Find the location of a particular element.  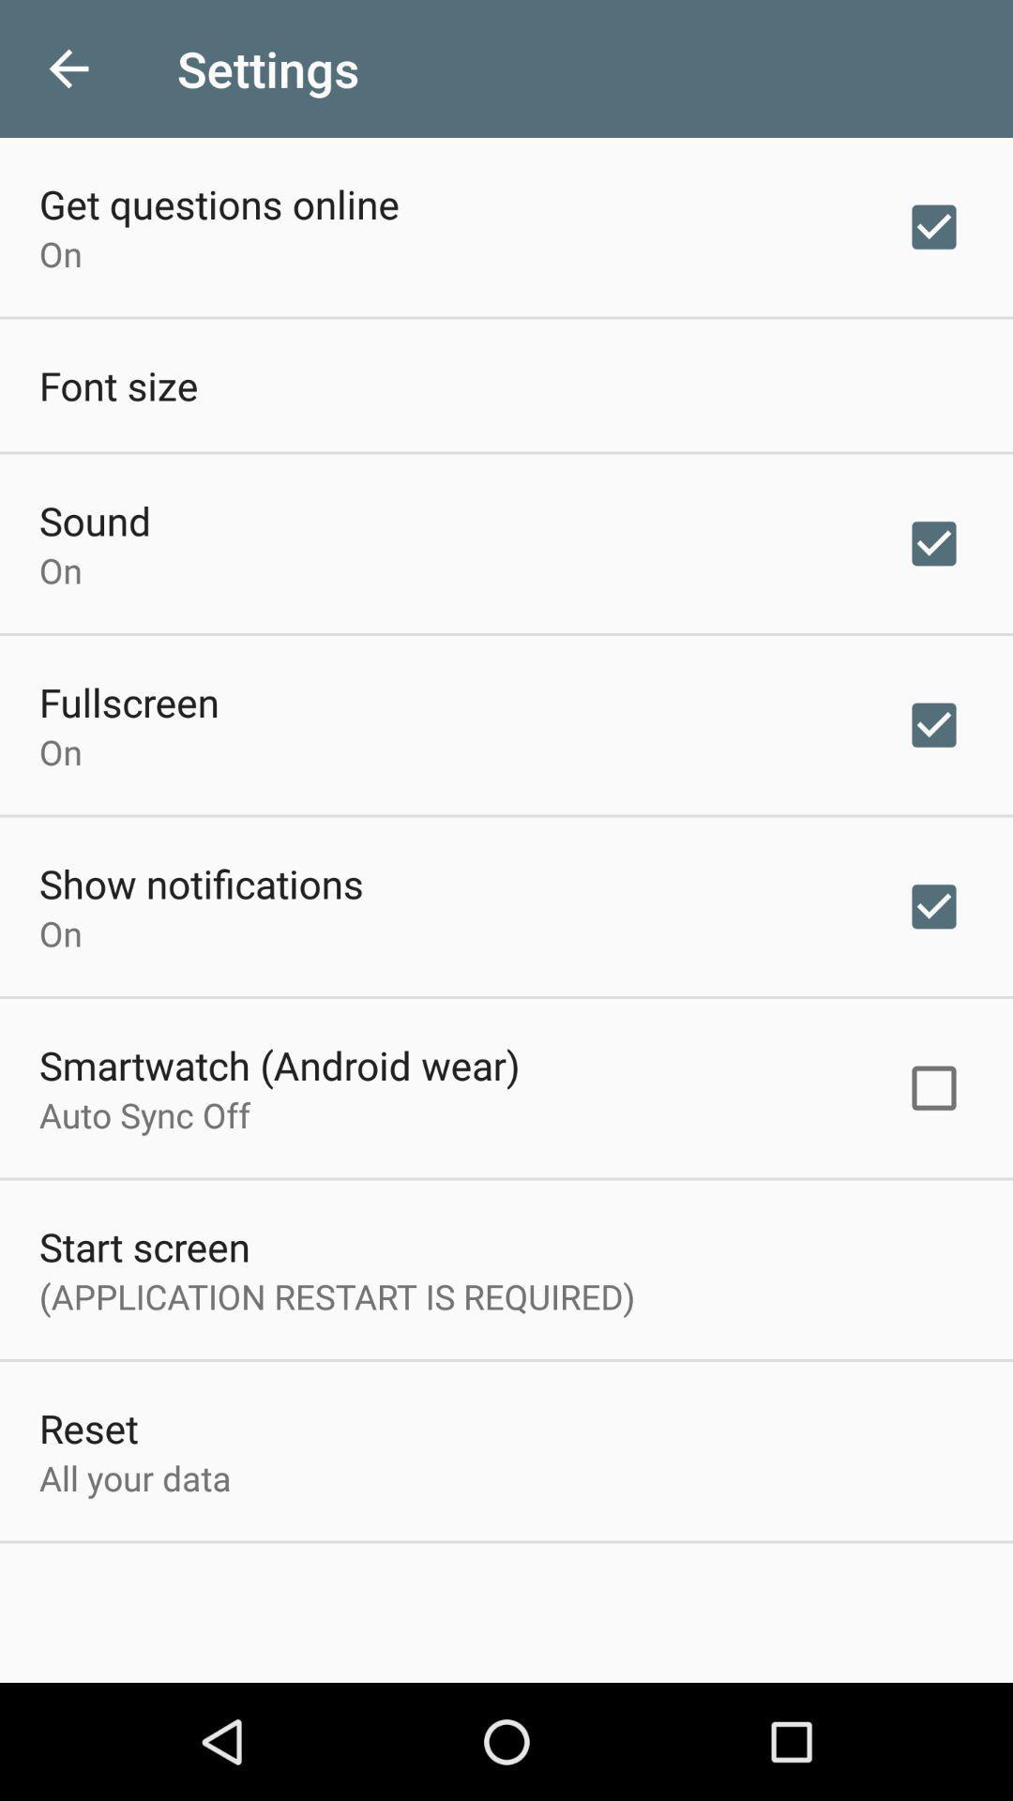

the icon above the on is located at coordinates (219, 204).